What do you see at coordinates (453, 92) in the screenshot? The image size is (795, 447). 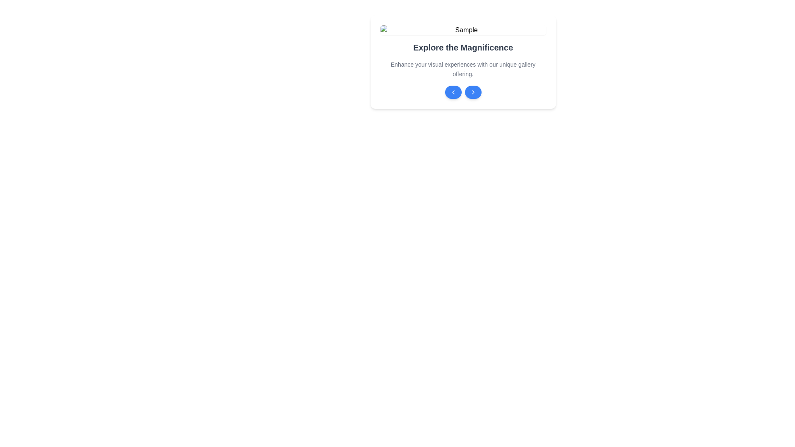 I see `the circular blue button with a white left-pointing chevron icon located at the bottom center of the card interface` at bounding box center [453, 92].